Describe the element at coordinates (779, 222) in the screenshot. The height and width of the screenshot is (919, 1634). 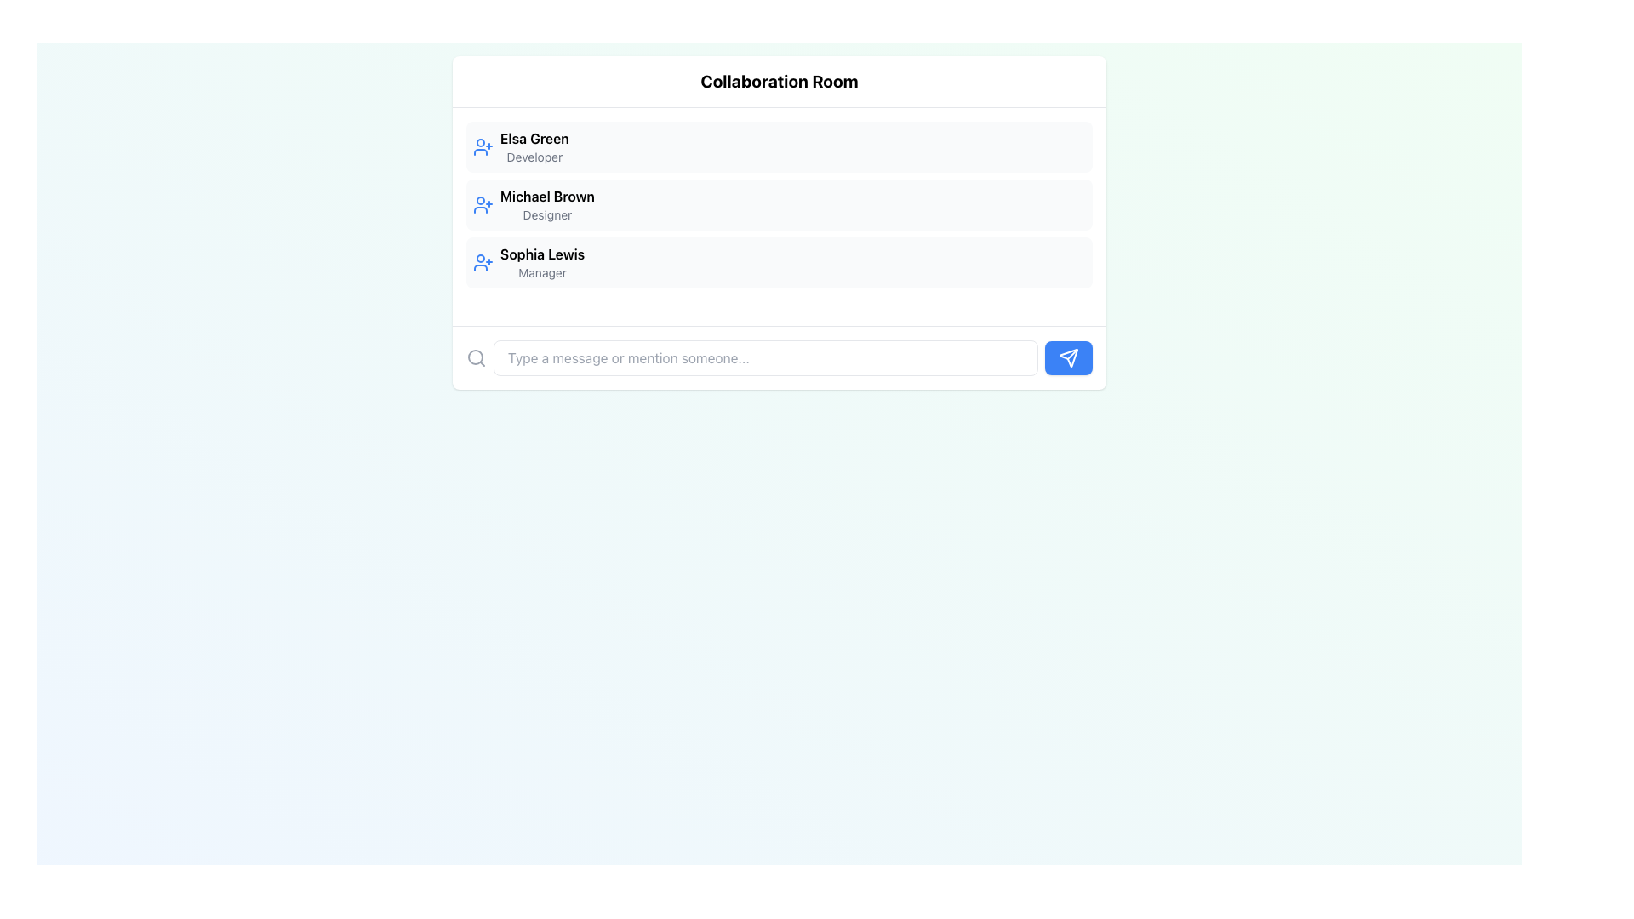
I see `the second user card in the 'Collaboration Room' section` at that location.